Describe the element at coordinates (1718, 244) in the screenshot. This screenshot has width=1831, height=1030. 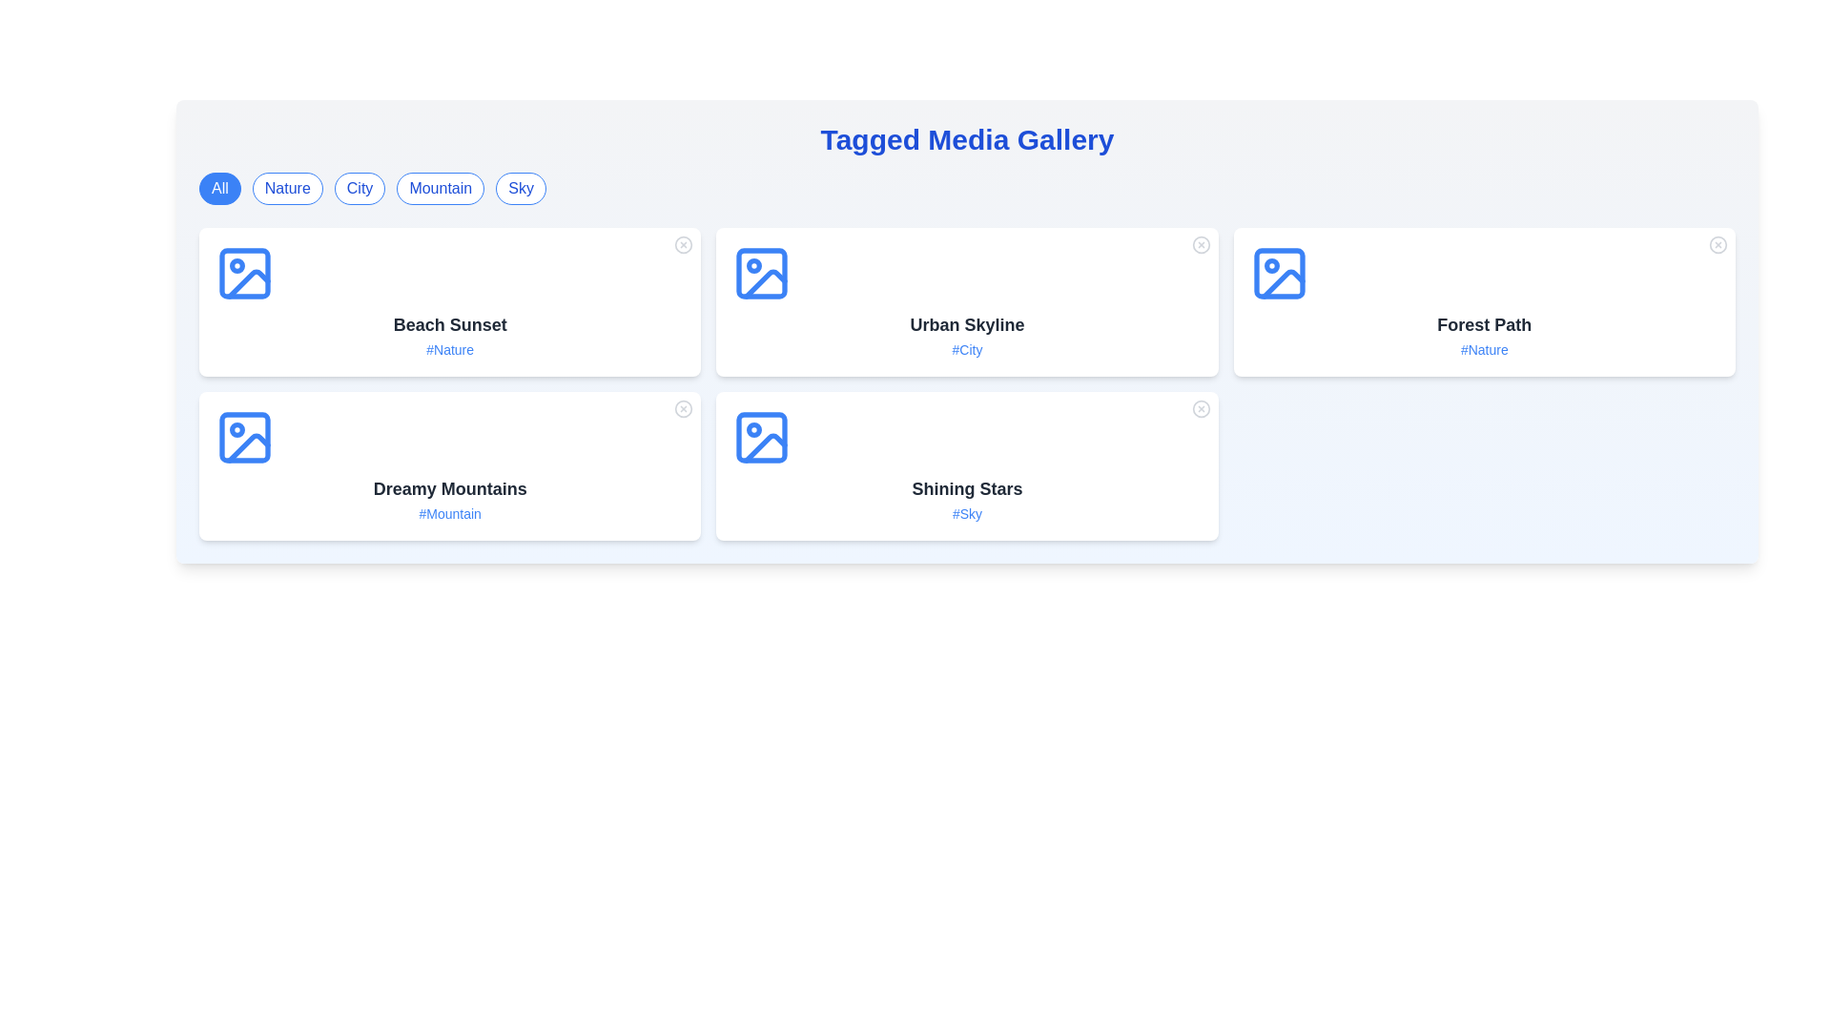
I see `the close button of a media item identified by Forest Path` at that location.